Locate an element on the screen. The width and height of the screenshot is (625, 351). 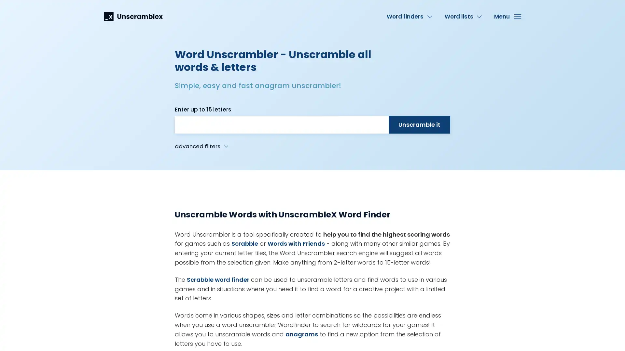
Unscramble it is located at coordinates (419, 125).